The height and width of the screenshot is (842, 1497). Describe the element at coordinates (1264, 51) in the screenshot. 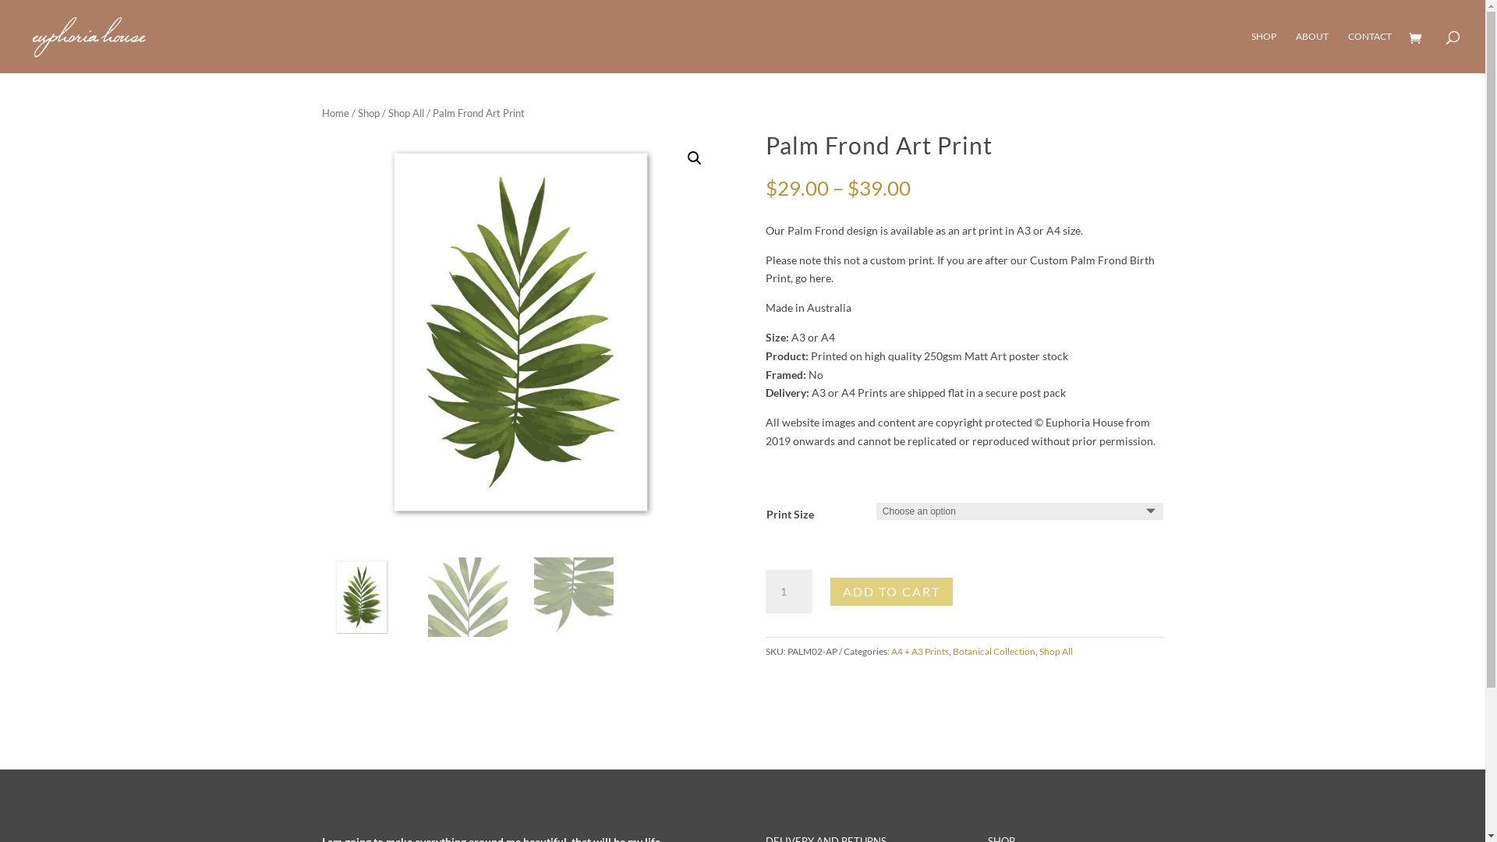

I see `'SHOP'` at that location.